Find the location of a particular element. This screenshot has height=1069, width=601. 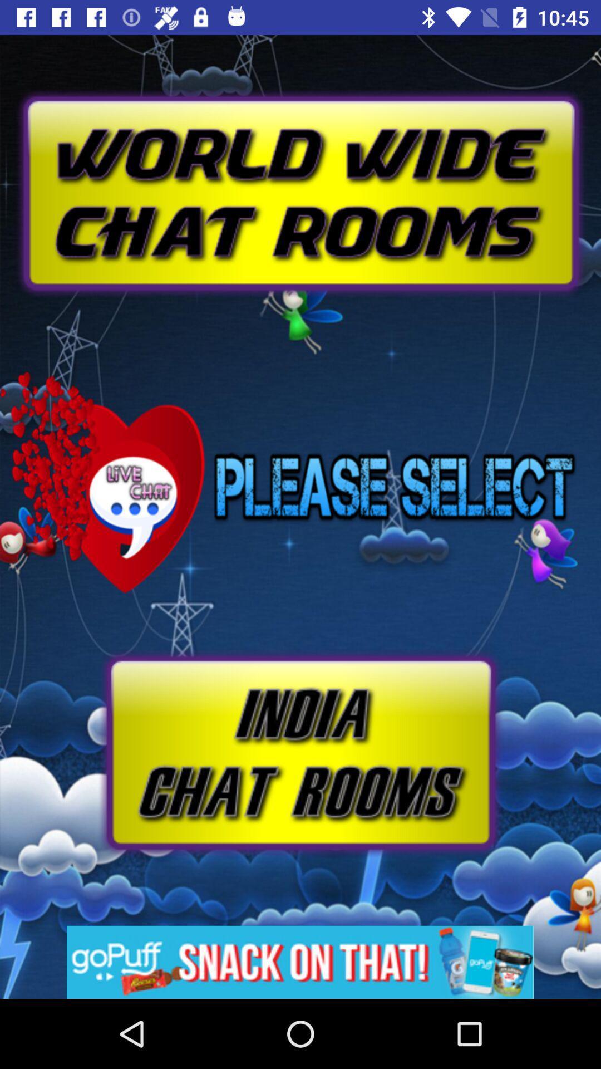

advertisement banner would take off site is located at coordinates (300, 962).